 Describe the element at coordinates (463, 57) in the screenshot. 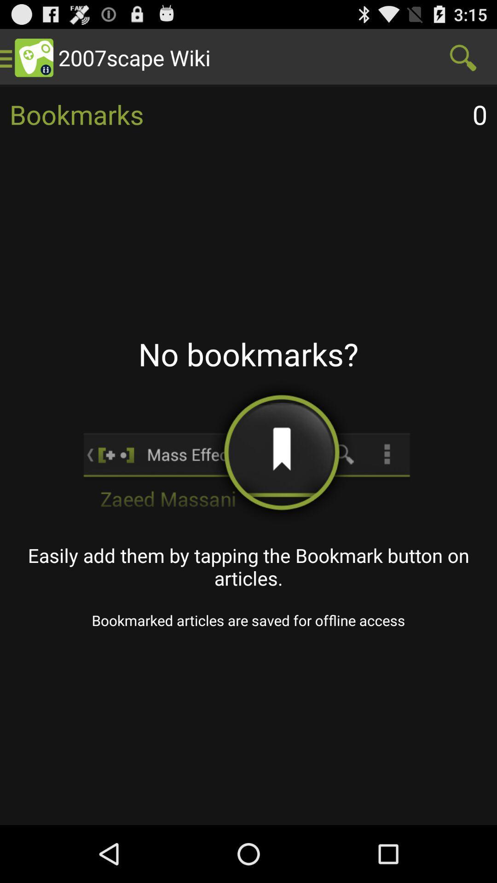

I see `item next to the 2007scape wiki item` at that location.